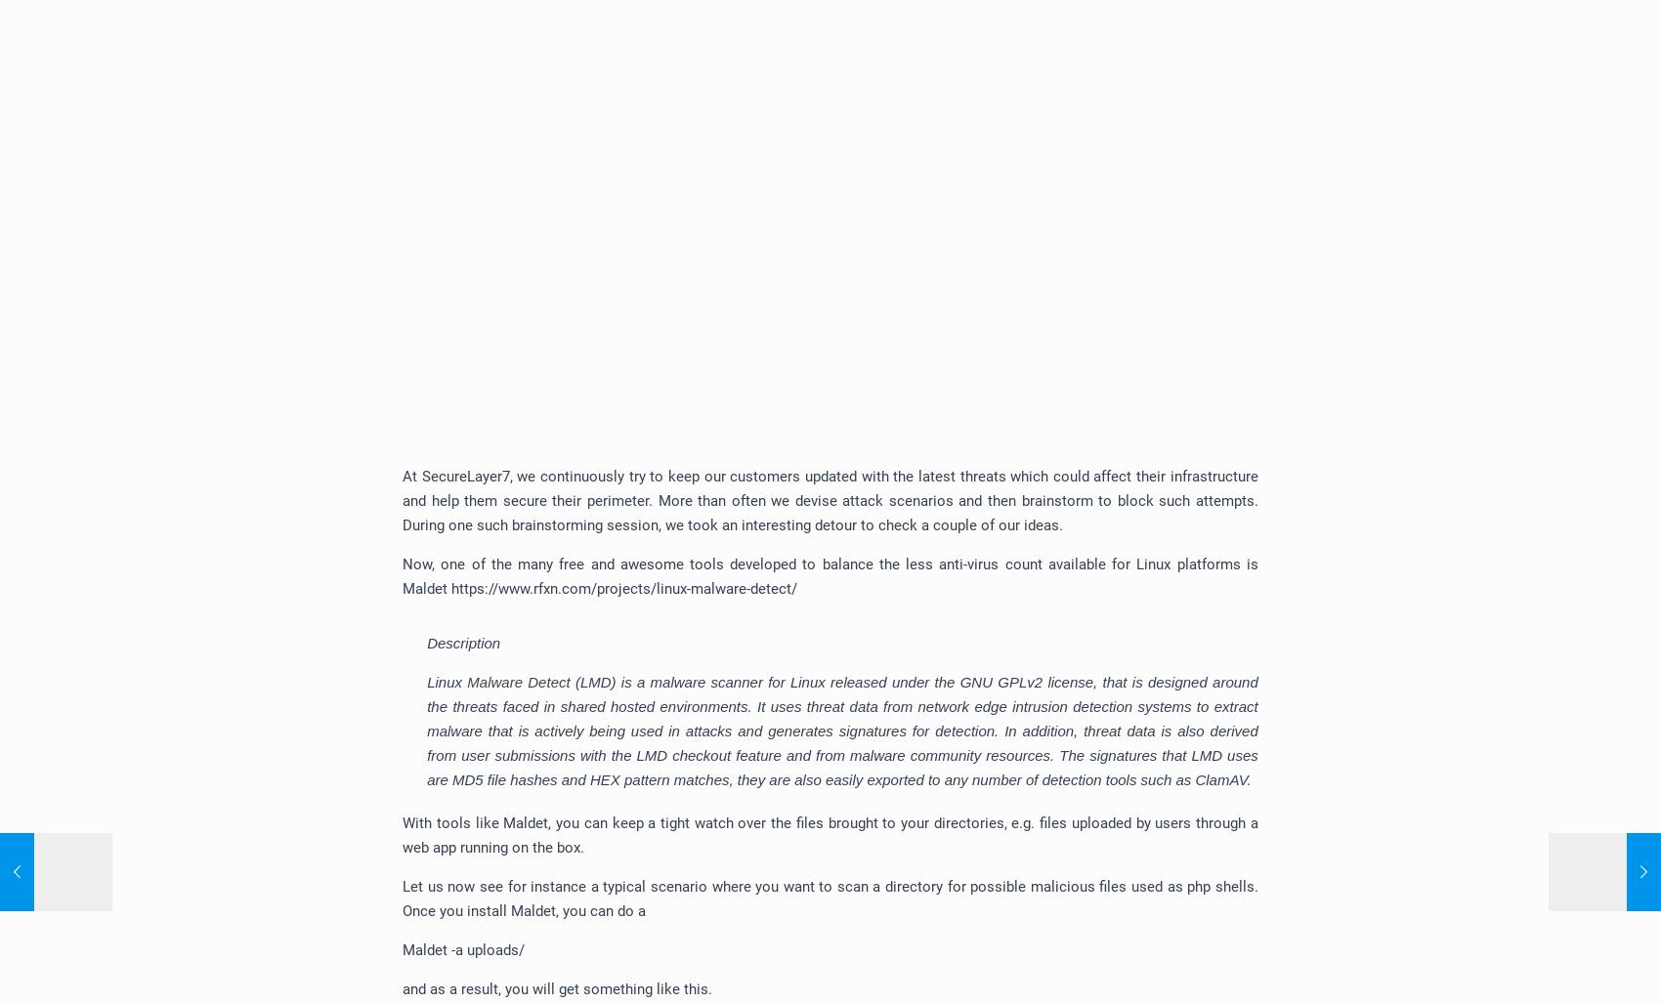 The image size is (1661, 1003). I want to click on 'Malware Detect', so click(467, 682).